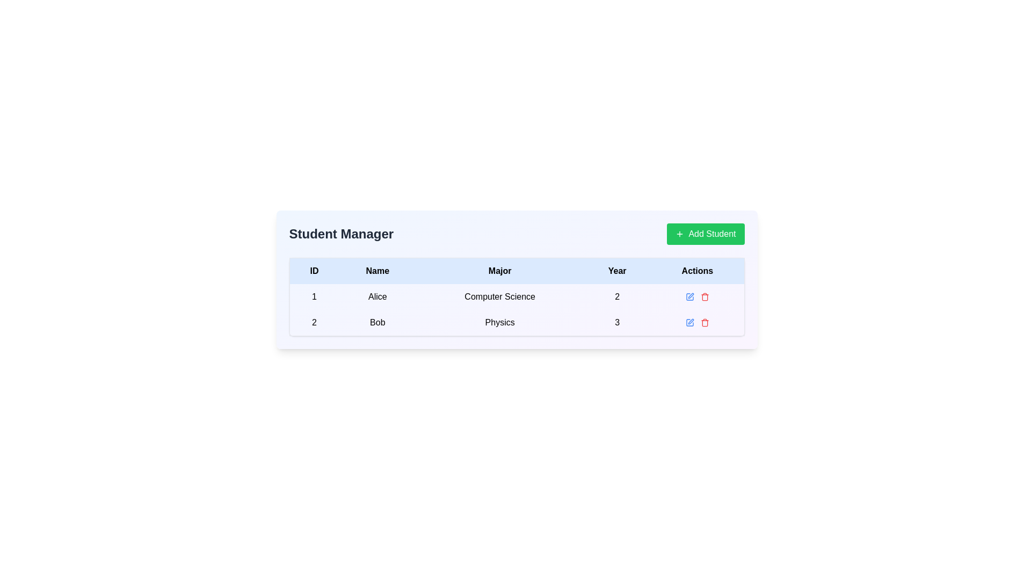 The height and width of the screenshot is (580, 1031). I want to click on the text label displaying 'Bob', so click(377, 322).